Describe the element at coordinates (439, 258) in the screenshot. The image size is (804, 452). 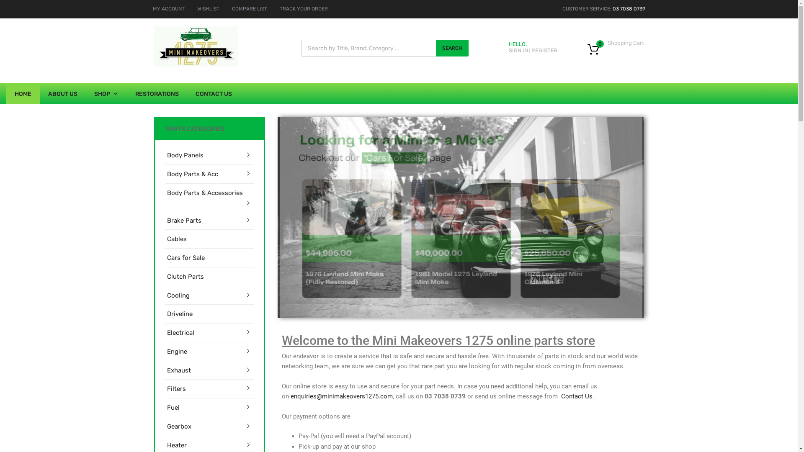
I see `'Register'` at that location.